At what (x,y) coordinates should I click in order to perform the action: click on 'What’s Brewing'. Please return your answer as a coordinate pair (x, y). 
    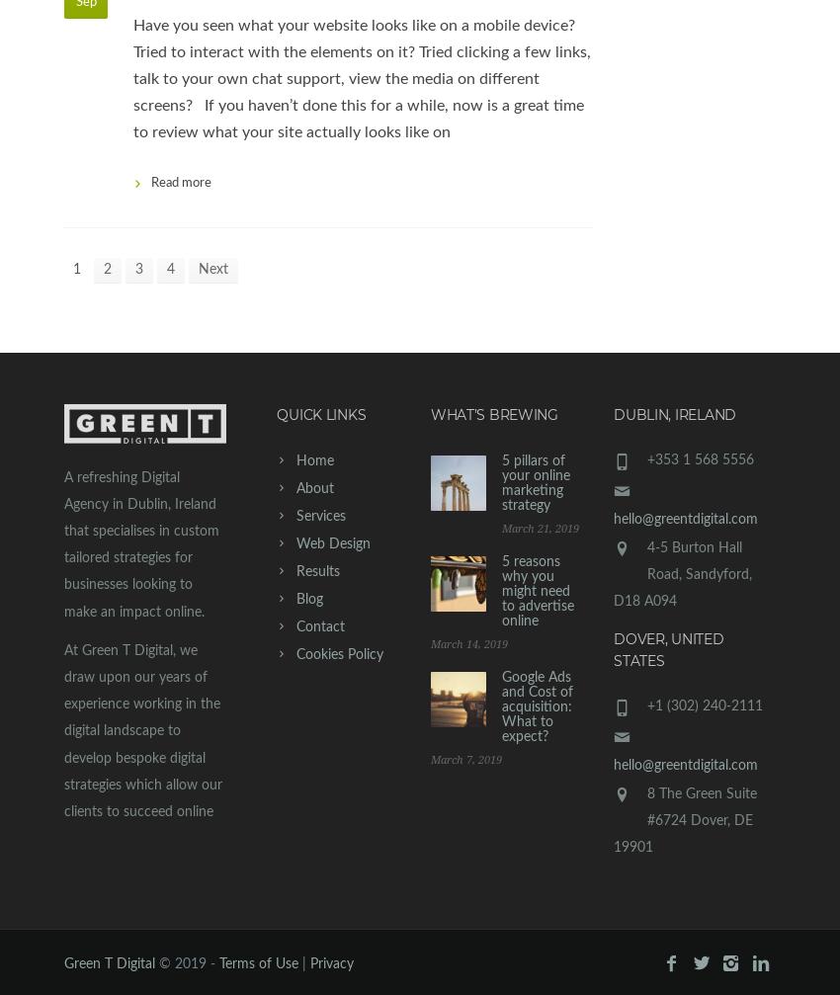
    Looking at the image, I should click on (493, 414).